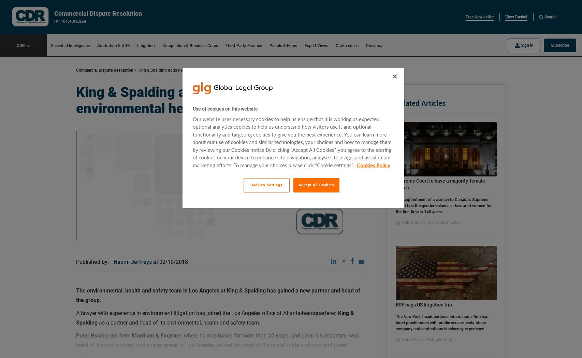 The image size is (582, 358). Describe the element at coordinates (243, 45) in the screenshot. I see `'Third-Party Finance'` at that location.